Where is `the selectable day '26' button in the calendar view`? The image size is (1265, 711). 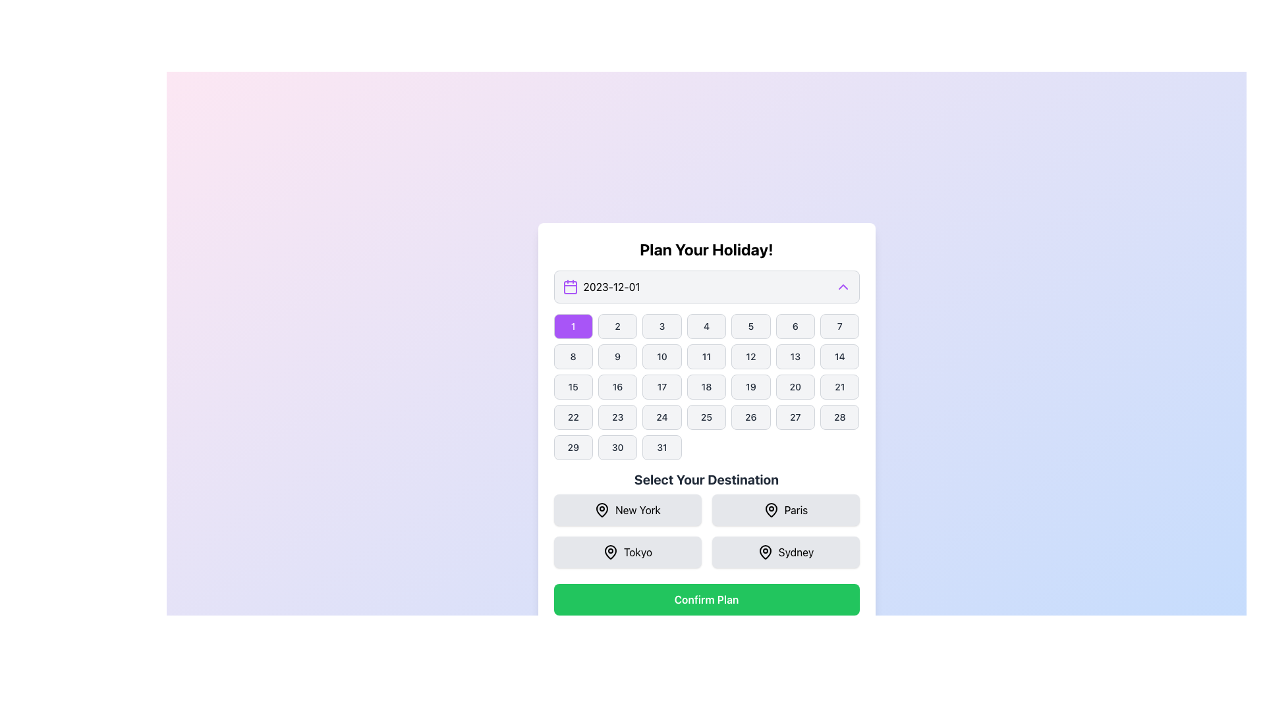
the selectable day '26' button in the calendar view is located at coordinates (750, 417).